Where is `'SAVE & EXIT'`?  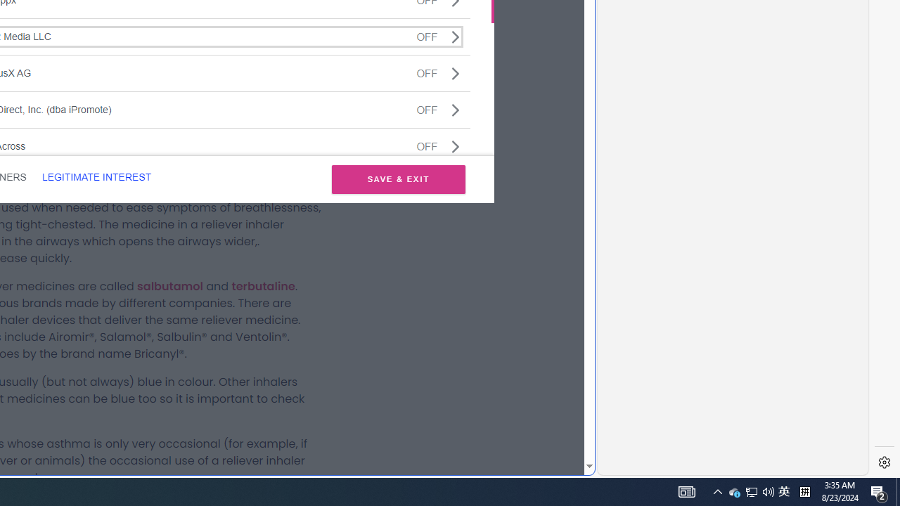
'SAVE & EXIT' is located at coordinates (398, 179).